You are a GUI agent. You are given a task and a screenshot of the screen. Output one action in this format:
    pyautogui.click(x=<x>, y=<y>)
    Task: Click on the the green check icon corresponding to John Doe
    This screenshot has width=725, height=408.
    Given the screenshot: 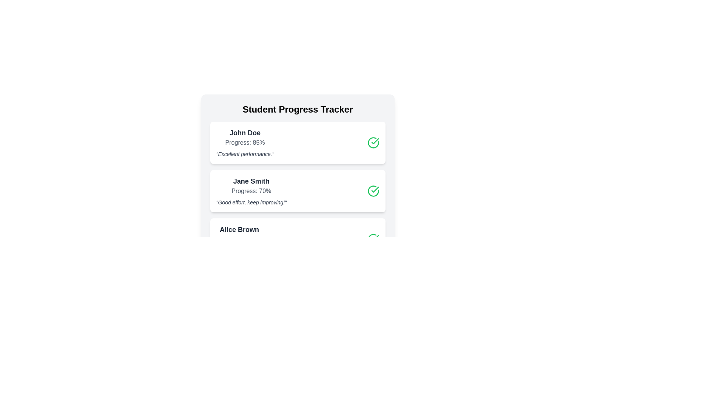 What is the action you would take?
    pyautogui.click(x=373, y=143)
    